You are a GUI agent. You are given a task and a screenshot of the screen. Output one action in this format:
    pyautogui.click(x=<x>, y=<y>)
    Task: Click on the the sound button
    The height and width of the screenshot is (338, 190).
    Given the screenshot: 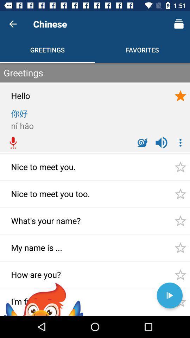 What is the action you would take?
    pyautogui.click(x=161, y=142)
    